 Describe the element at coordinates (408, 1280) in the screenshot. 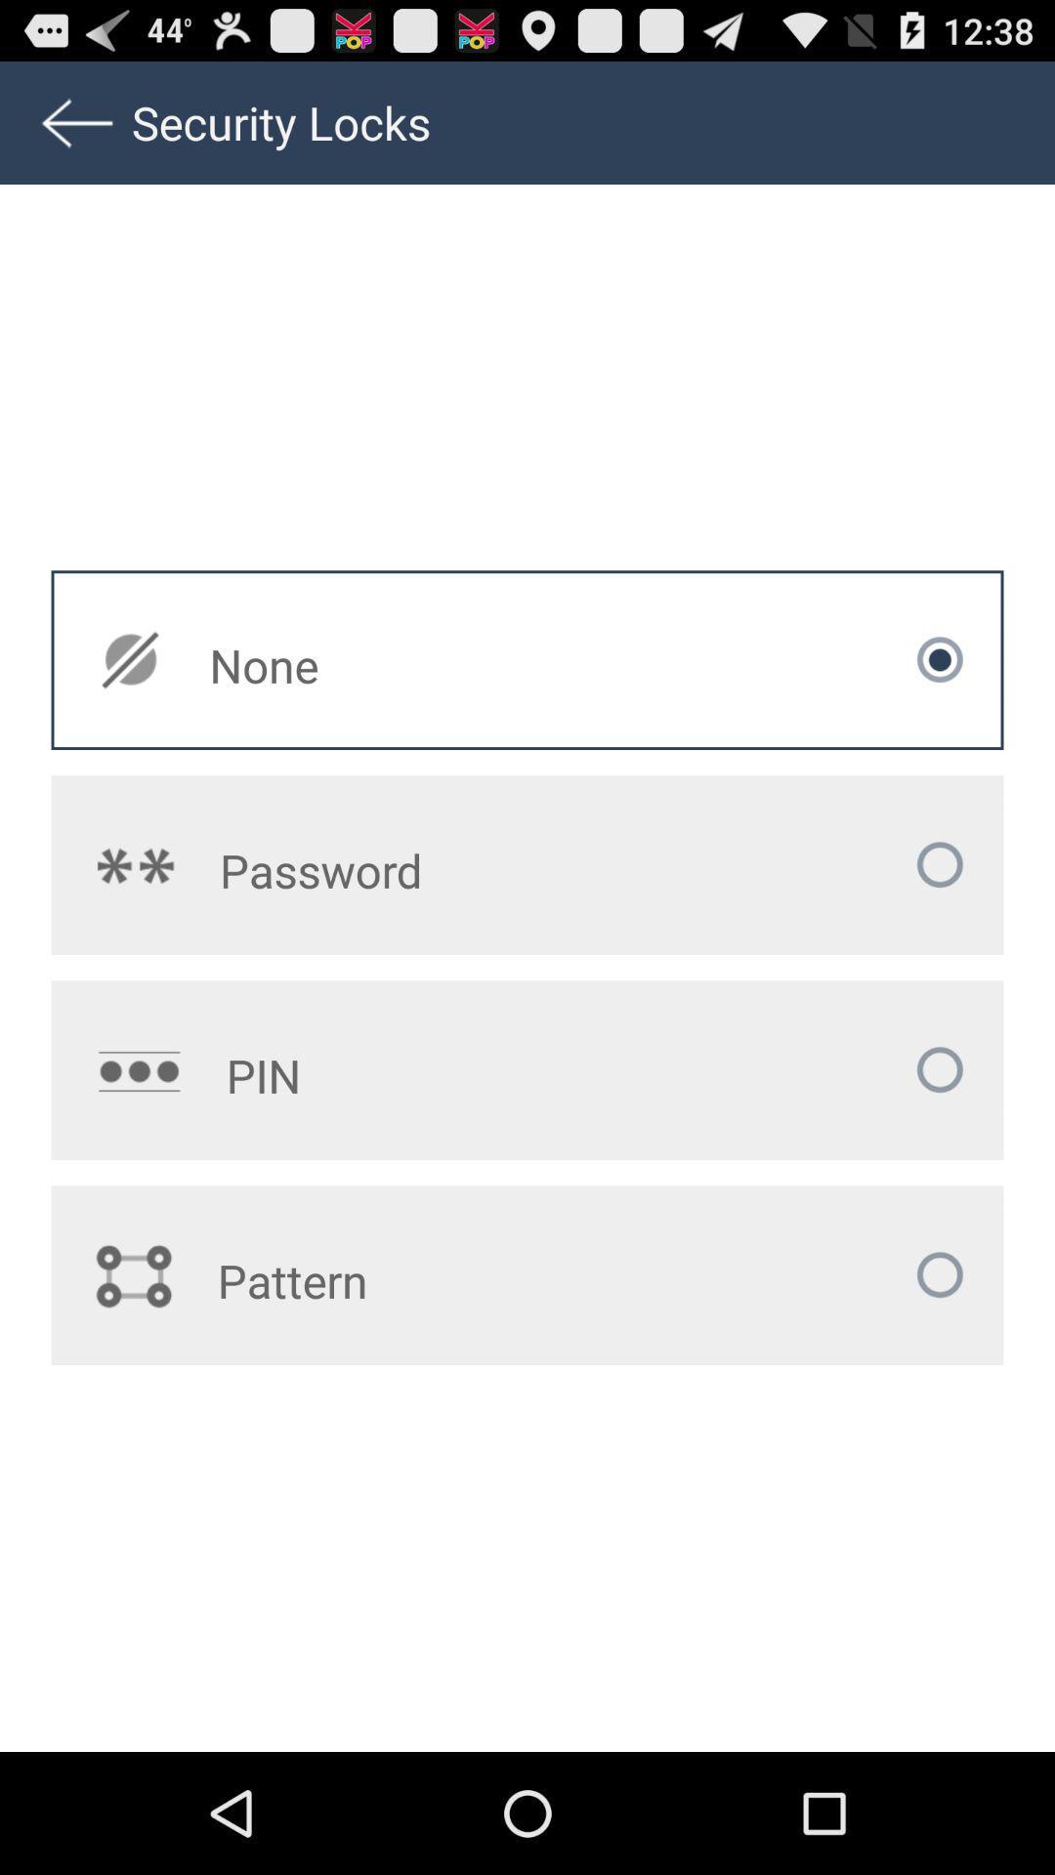

I see `pattern` at that location.